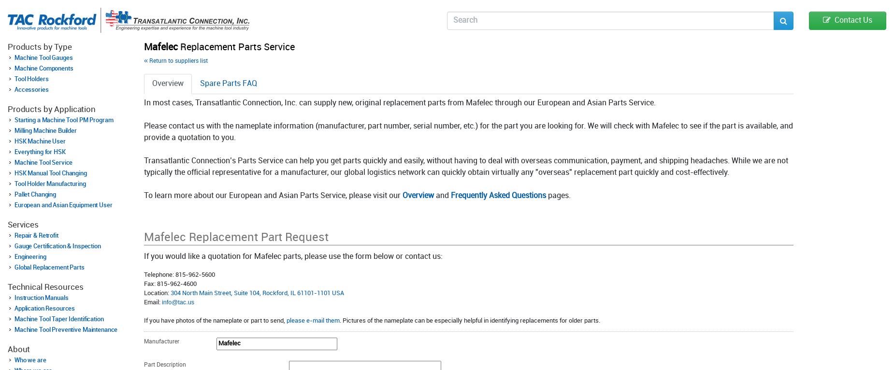  I want to click on 'Manufacturer', so click(144, 341).